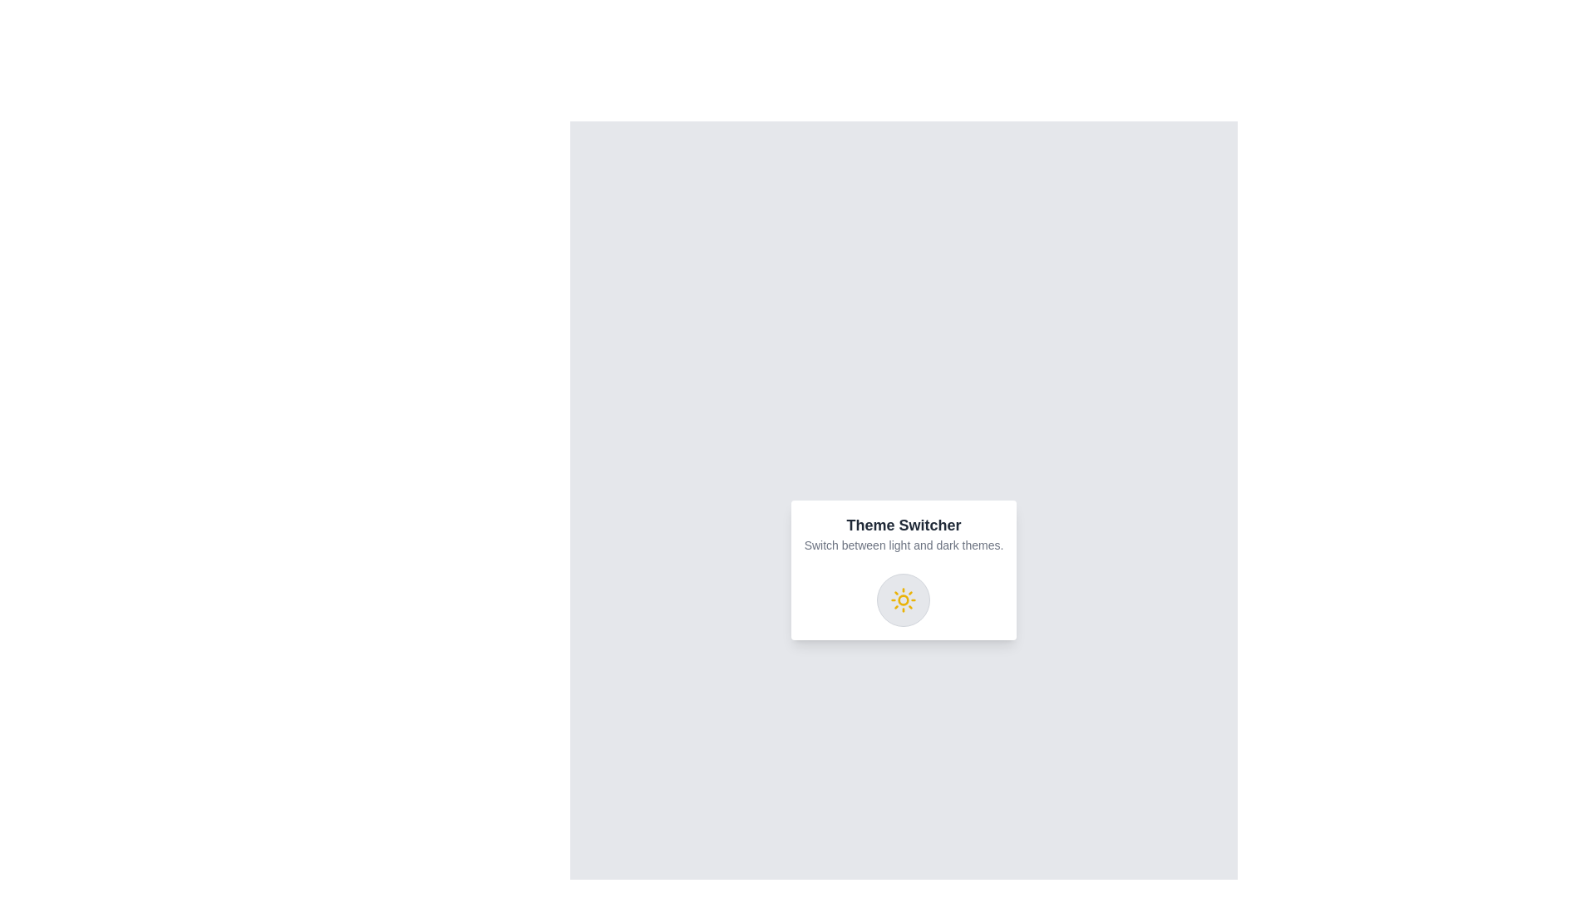 Image resolution: width=1596 pixels, height=898 pixels. I want to click on the theme switcher button located at the bottom of the 'Theme Switcher' card, so click(903, 599).